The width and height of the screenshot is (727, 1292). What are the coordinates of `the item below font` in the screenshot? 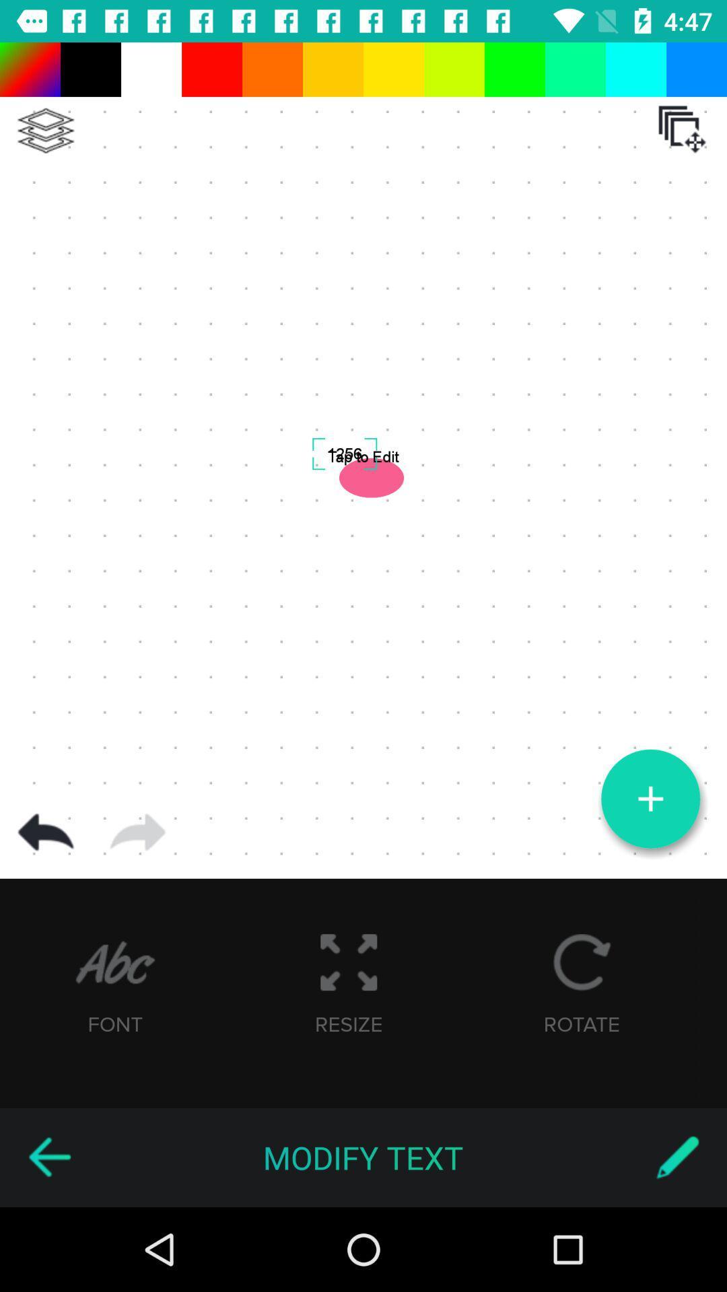 It's located at (48, 1157).